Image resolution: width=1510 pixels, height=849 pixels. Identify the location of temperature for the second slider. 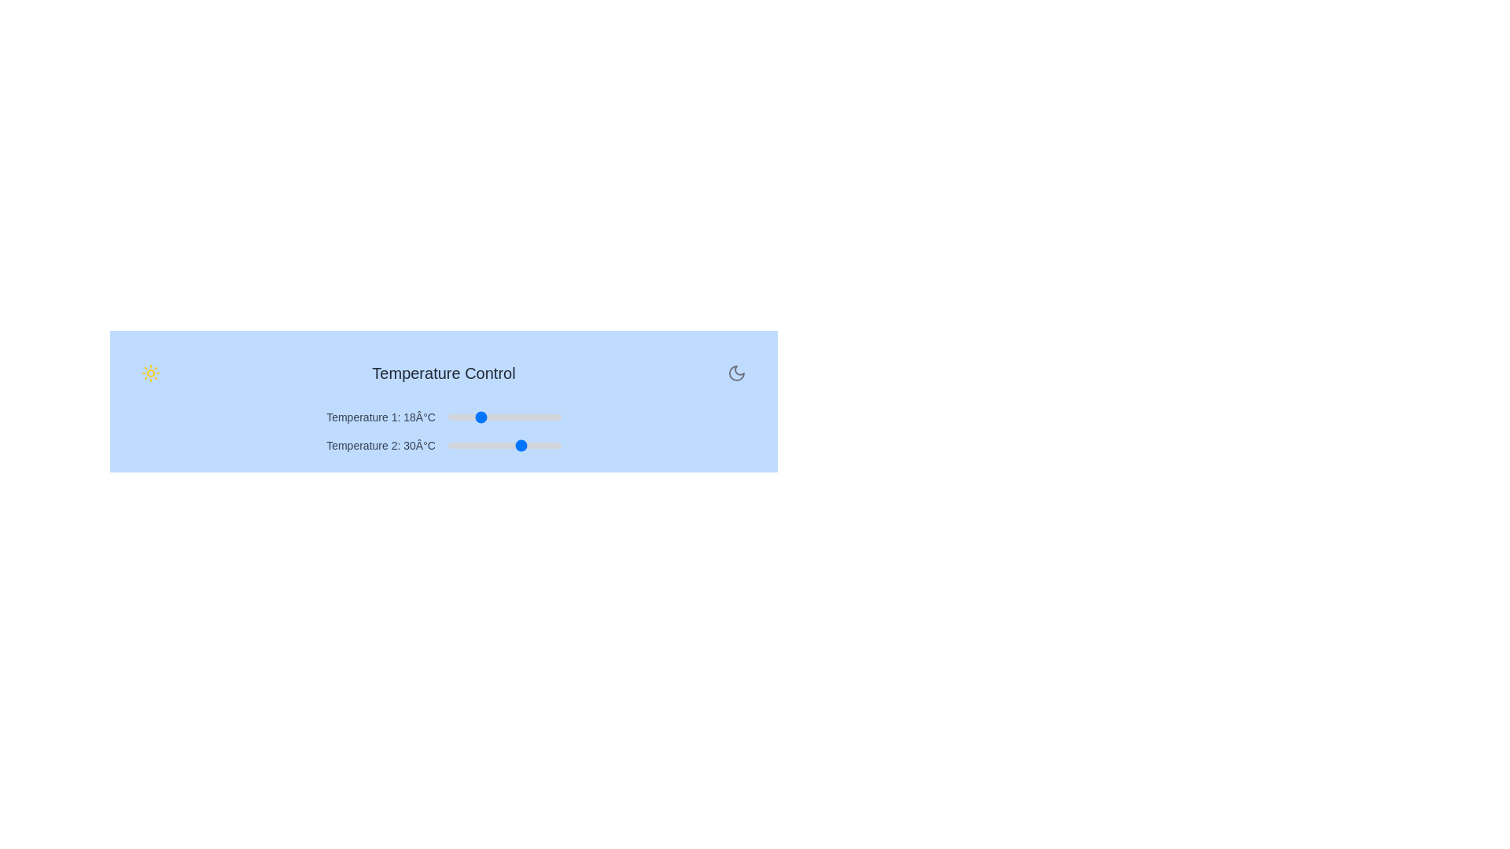
(466, 446).